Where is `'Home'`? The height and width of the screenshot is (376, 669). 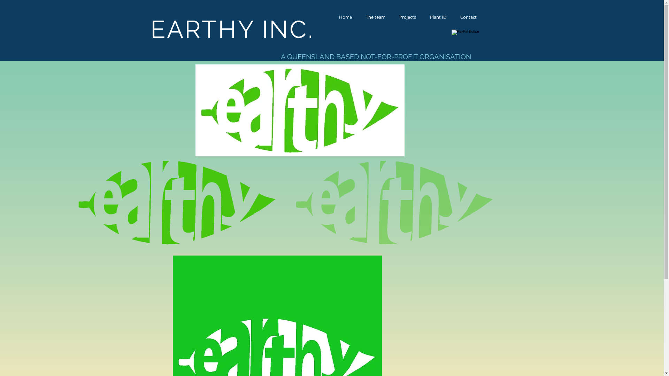
'Home' is located at coordinates (345, 17).